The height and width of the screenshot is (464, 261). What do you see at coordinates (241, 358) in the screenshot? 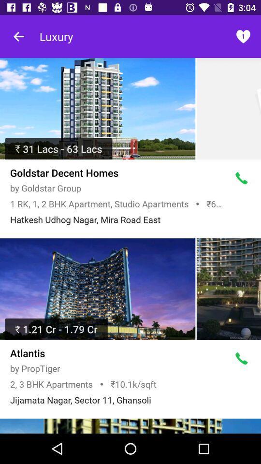
I see `call business` at bounding box center [241, 358].